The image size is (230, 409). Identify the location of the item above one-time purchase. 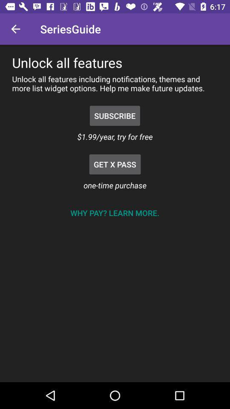
(115, 164).